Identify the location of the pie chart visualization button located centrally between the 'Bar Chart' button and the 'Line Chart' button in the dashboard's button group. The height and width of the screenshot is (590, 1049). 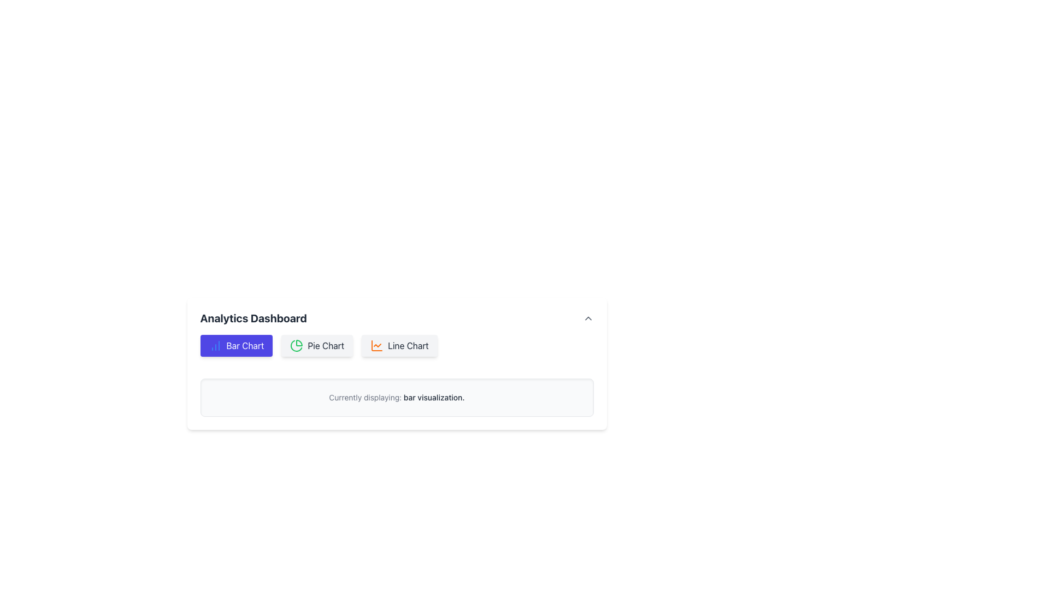
(316, 345).